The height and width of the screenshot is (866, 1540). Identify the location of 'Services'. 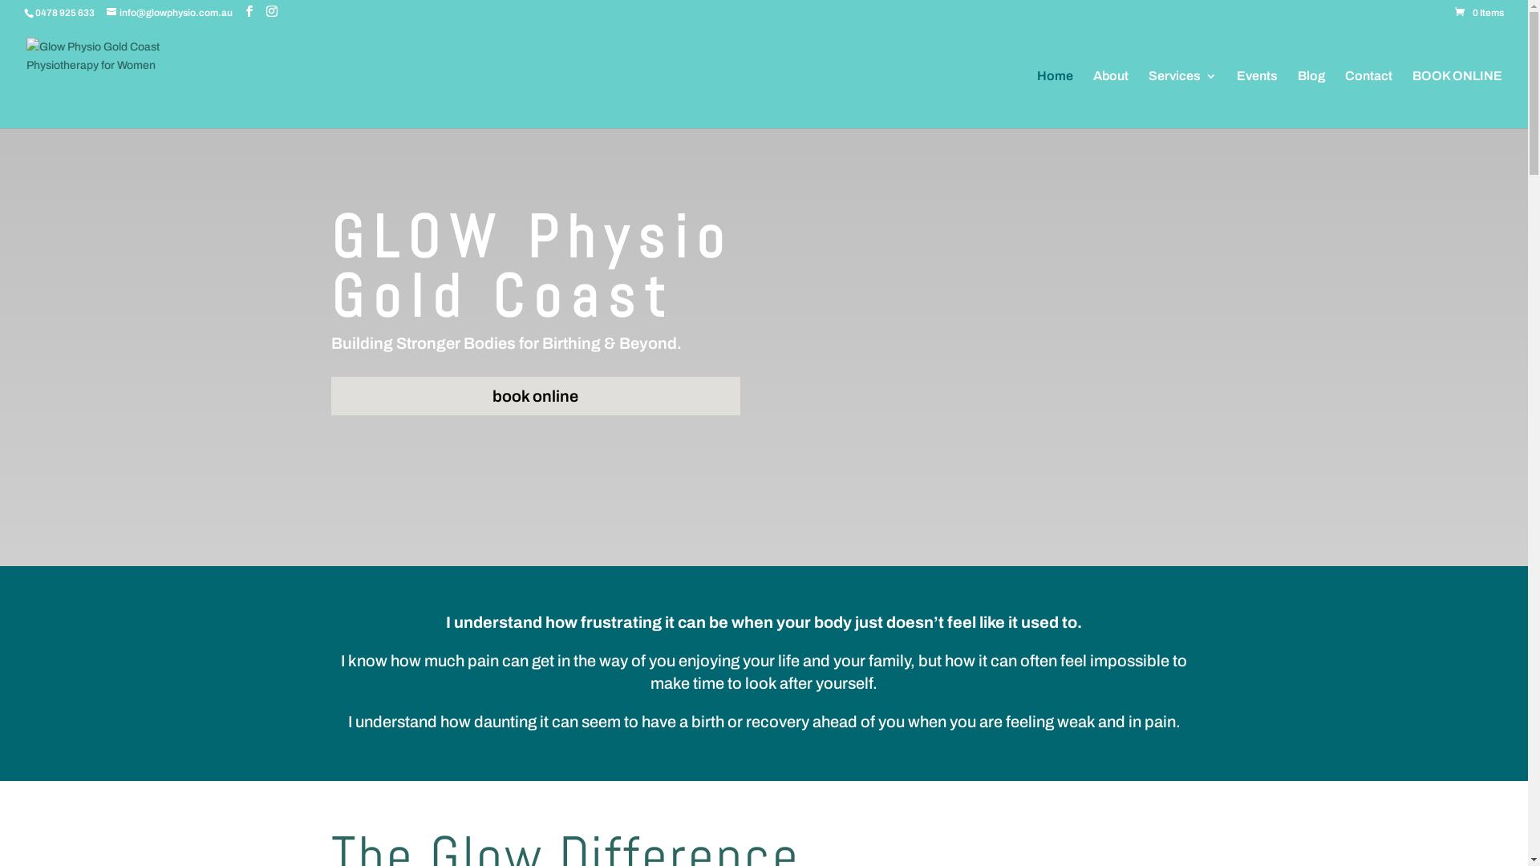
(1182, 99).